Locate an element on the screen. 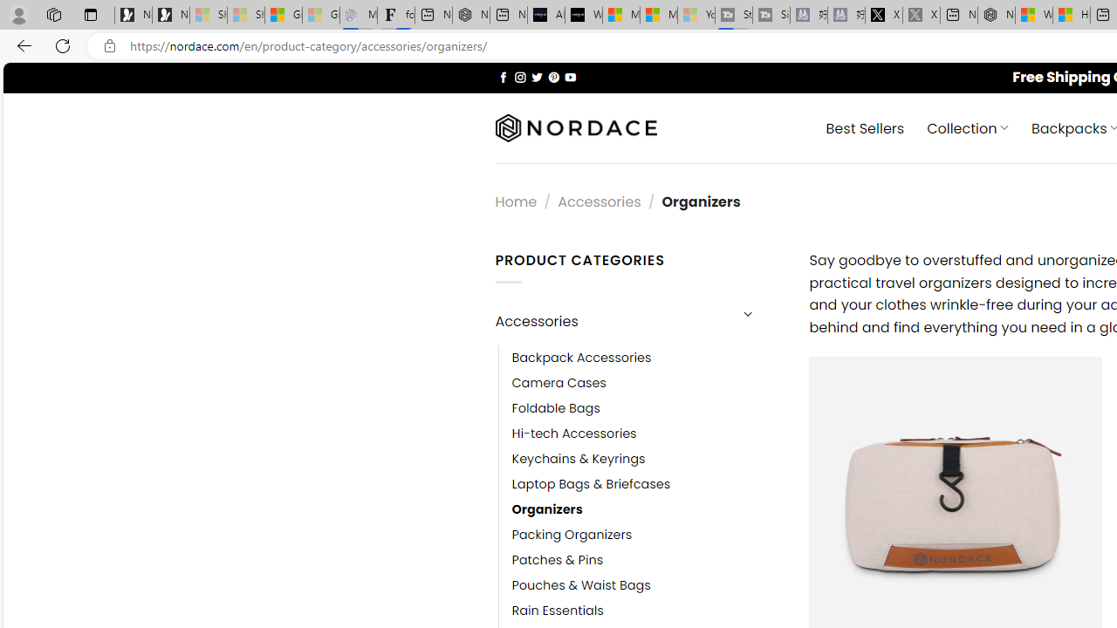 Image resolution: width=1117 pixels, height=628 pixels. 'X - Sleeping' is located at coordinates (921, 15).